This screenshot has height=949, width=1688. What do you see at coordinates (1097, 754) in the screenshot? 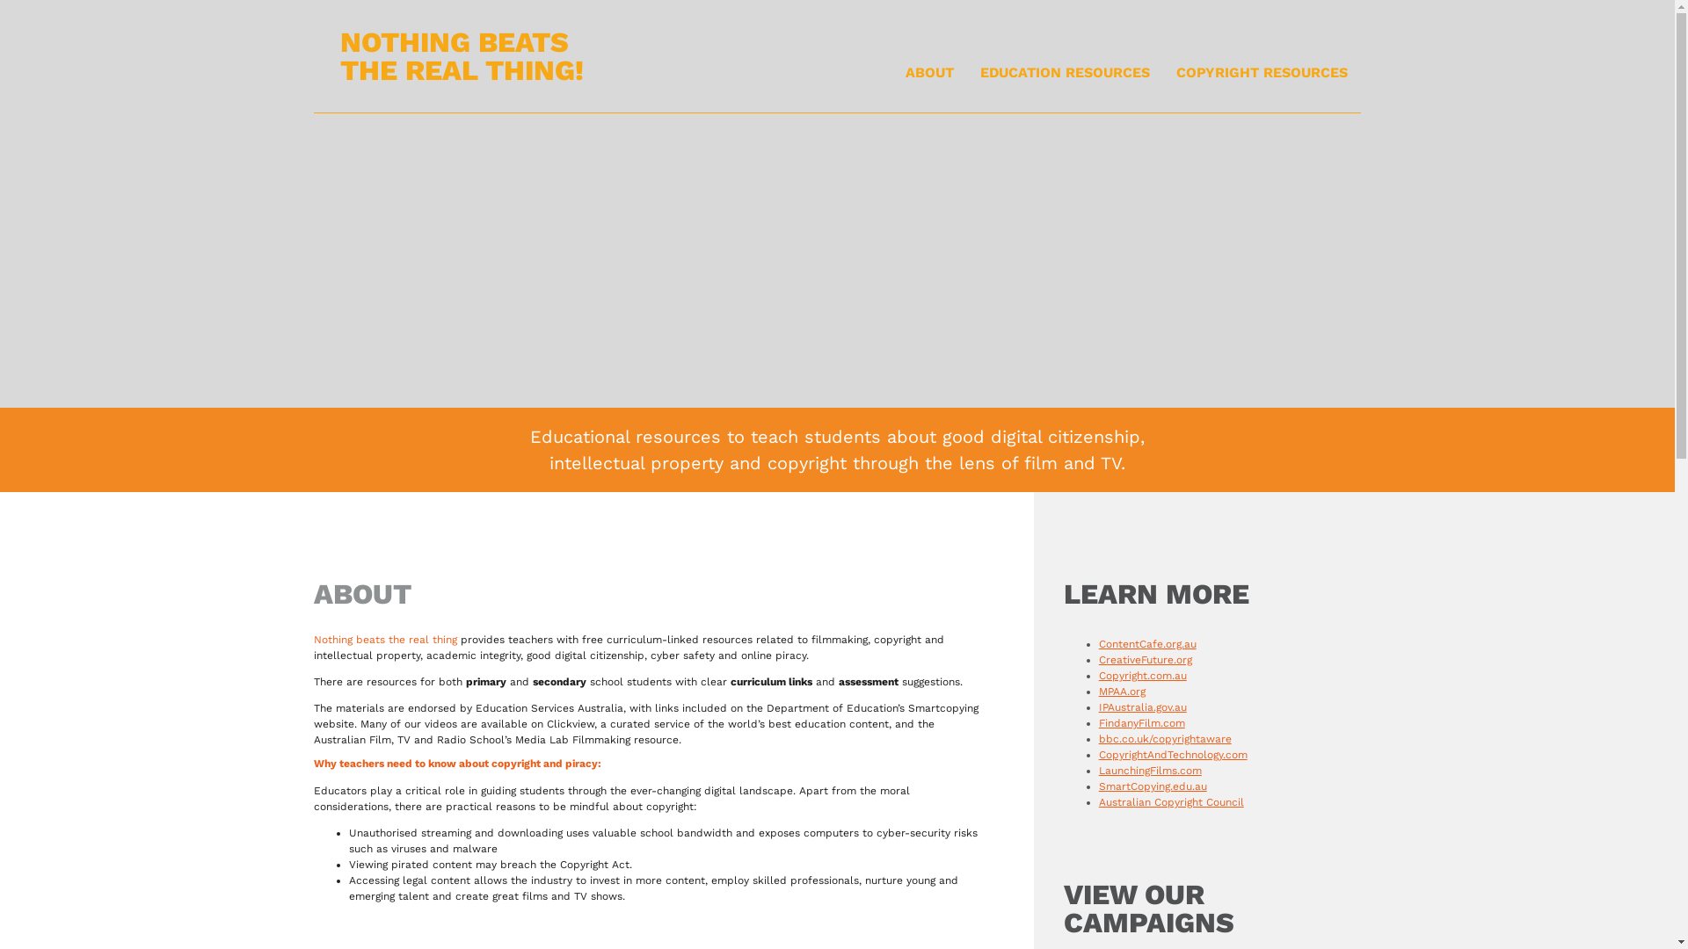
I see `'CopyrightAndTechnology.com'` at bounding box center [1097, 754].